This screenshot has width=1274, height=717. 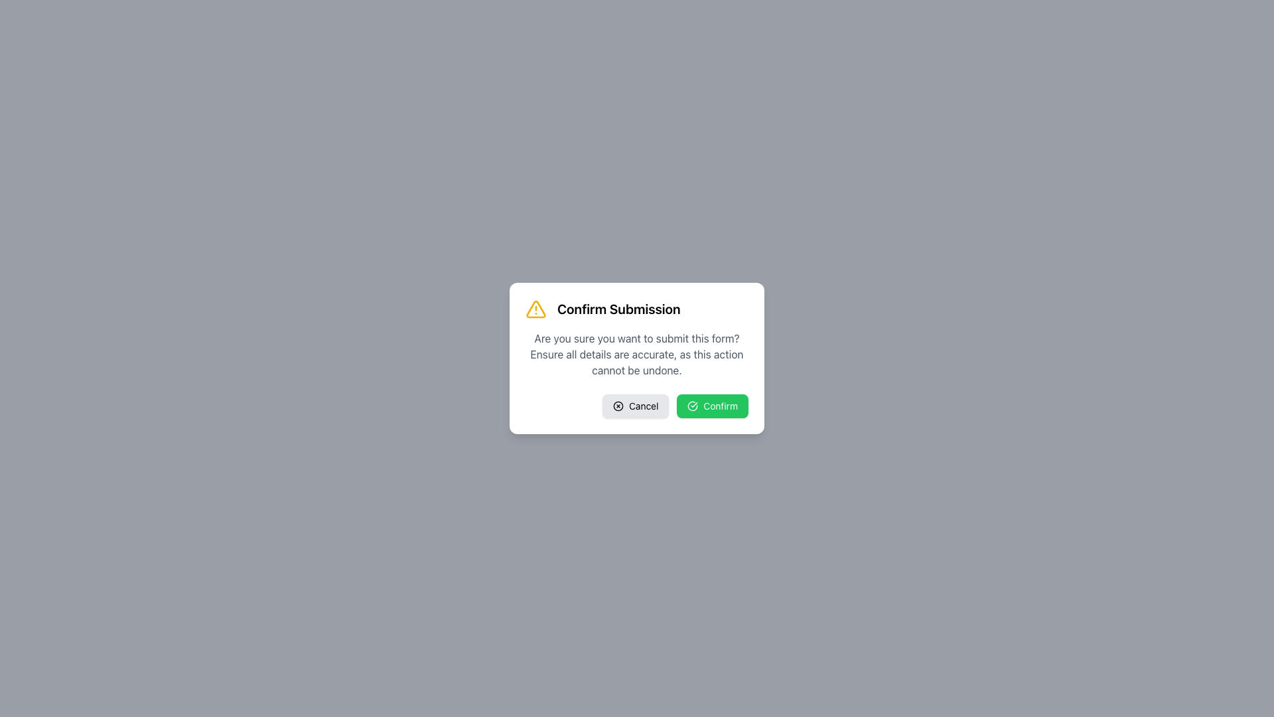 What do you see at coordinates (637, 353) in the screenshot?
I see `the cautionary statement text located within the dialog box below the 'Confirm Submission' title and above the 'Cancel' and 'Confirm' buttons` at bounding box center [637, 353].